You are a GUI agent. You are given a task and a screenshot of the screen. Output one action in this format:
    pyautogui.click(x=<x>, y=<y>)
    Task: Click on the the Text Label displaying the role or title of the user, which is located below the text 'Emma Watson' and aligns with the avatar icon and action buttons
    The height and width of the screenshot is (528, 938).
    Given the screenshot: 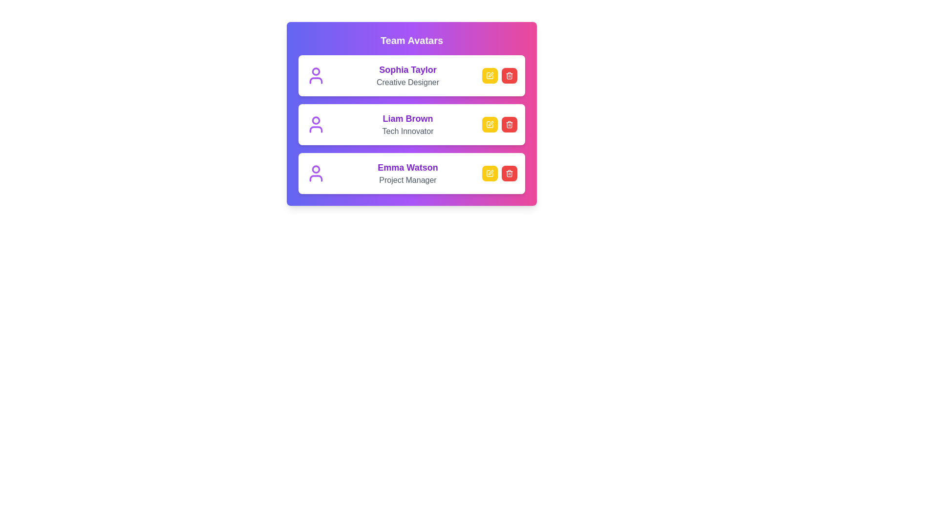 What is the action you would take?
    pyautogui.click(x=408, y=180)
    